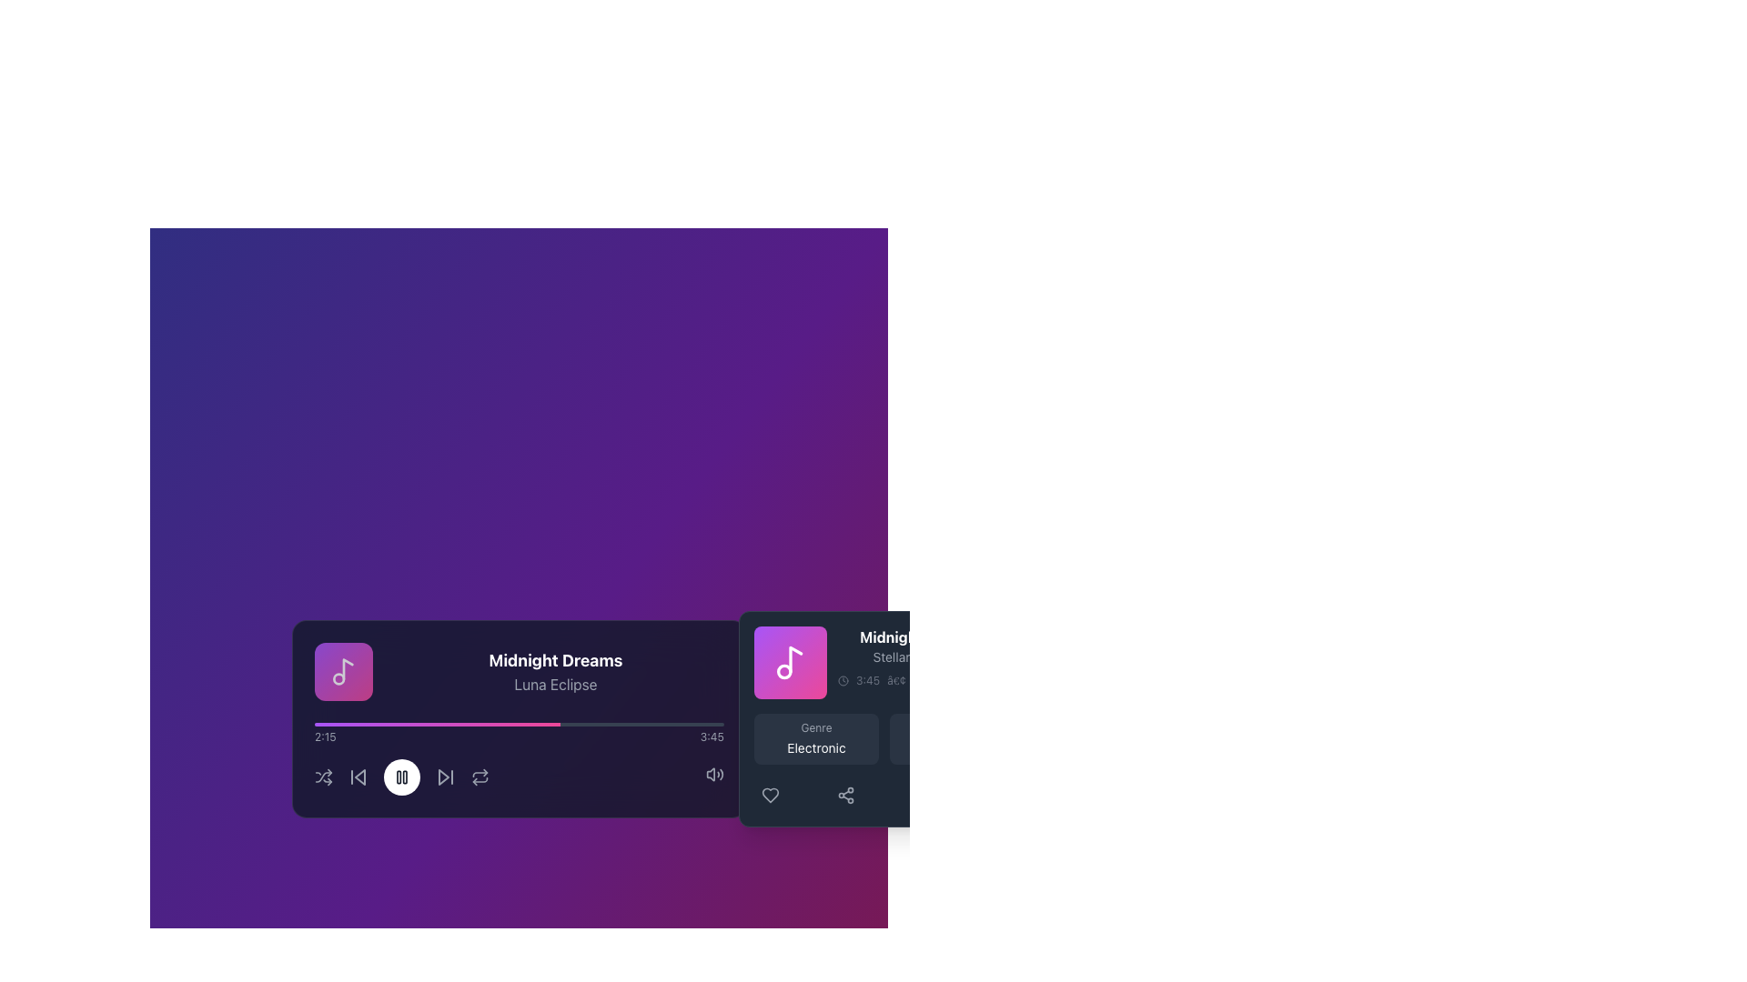 Image resolution: width=1747 pixels, height=982 pixels. What do you see at coordinates (842, 680) in the screenshot?
I see `circular SVG component representing a clock or timer for accessibility or design specifications by clicking on its center` at bounding box center [842, 680].